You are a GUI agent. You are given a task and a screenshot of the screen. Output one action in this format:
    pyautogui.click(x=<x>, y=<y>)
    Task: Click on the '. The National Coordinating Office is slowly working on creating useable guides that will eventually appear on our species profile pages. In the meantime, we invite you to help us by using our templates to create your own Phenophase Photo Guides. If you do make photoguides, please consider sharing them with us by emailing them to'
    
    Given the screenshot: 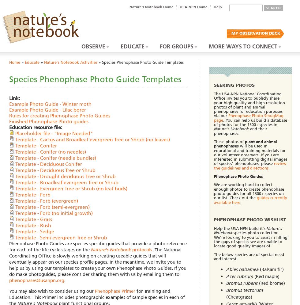 What is the action you would take?
    pyautogui.click(x=98, y=262)
    